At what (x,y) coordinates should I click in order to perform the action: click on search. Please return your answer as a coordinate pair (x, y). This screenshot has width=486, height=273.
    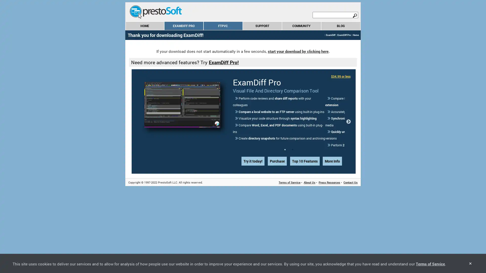
    Looking at the image, I should click on (354, 15).